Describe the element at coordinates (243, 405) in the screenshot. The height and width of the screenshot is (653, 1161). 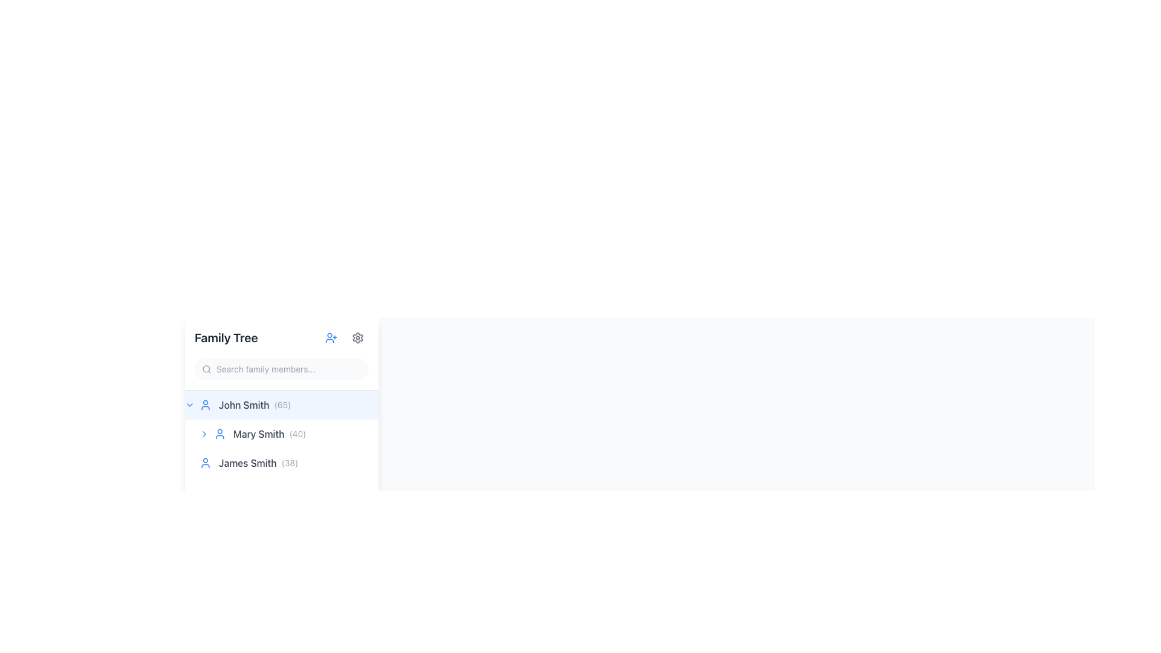
I see `the static text element displaying 'John Smith', which is positioned next to a blue user icon and to the left of the text '(65)', within a light blue highlighted list item` at that location.